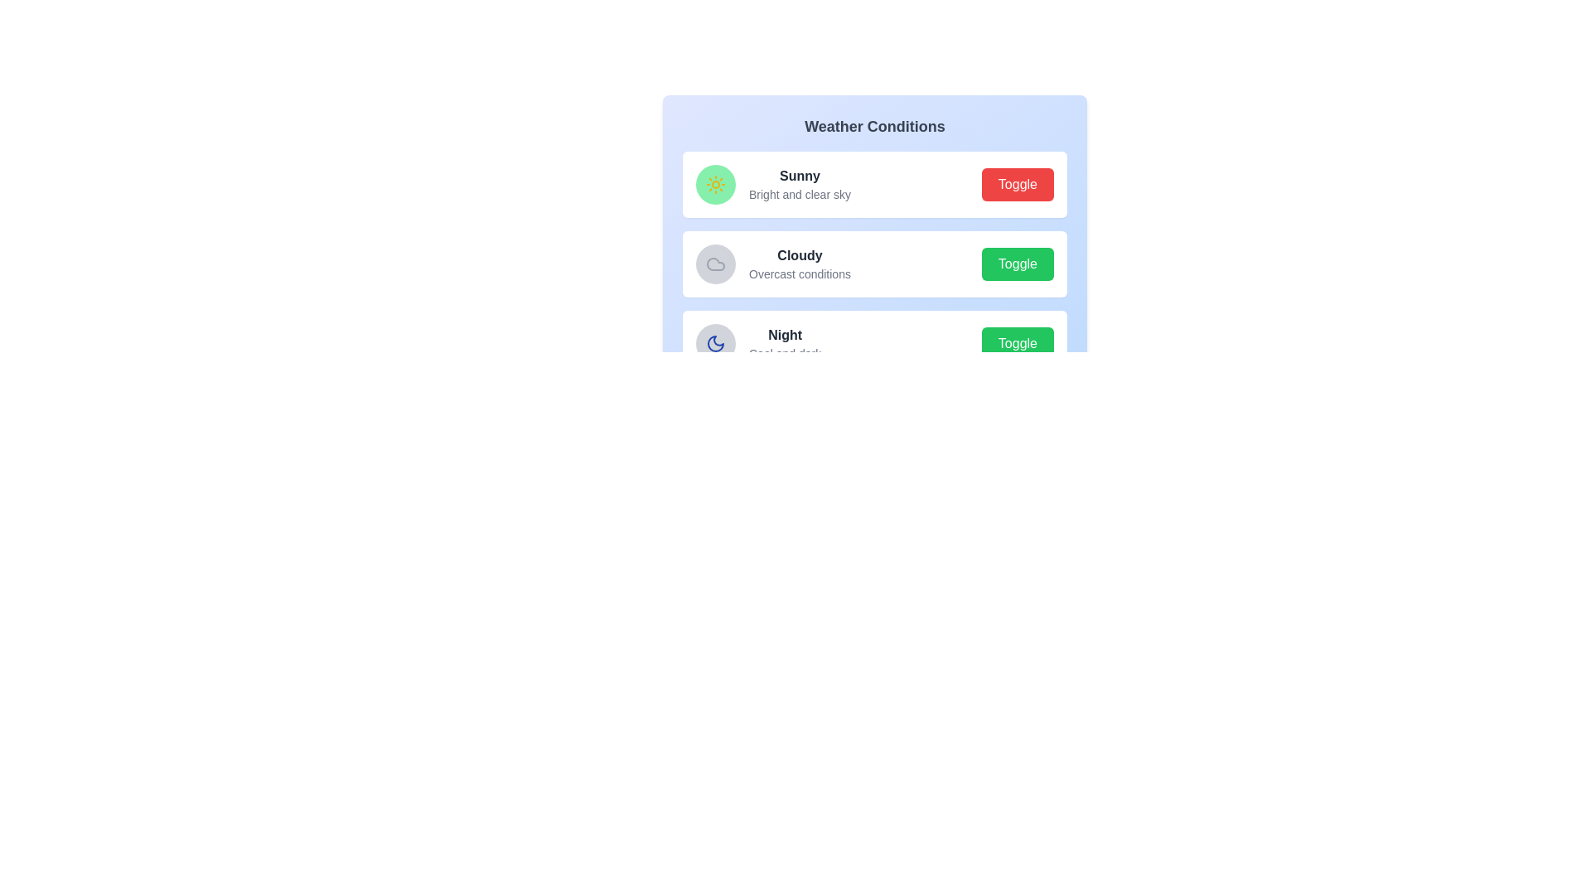 The width and height of the screenshot is (1591, 895). I want to click on the toggle button for the weather state Cloudy, so click(1017, 264).